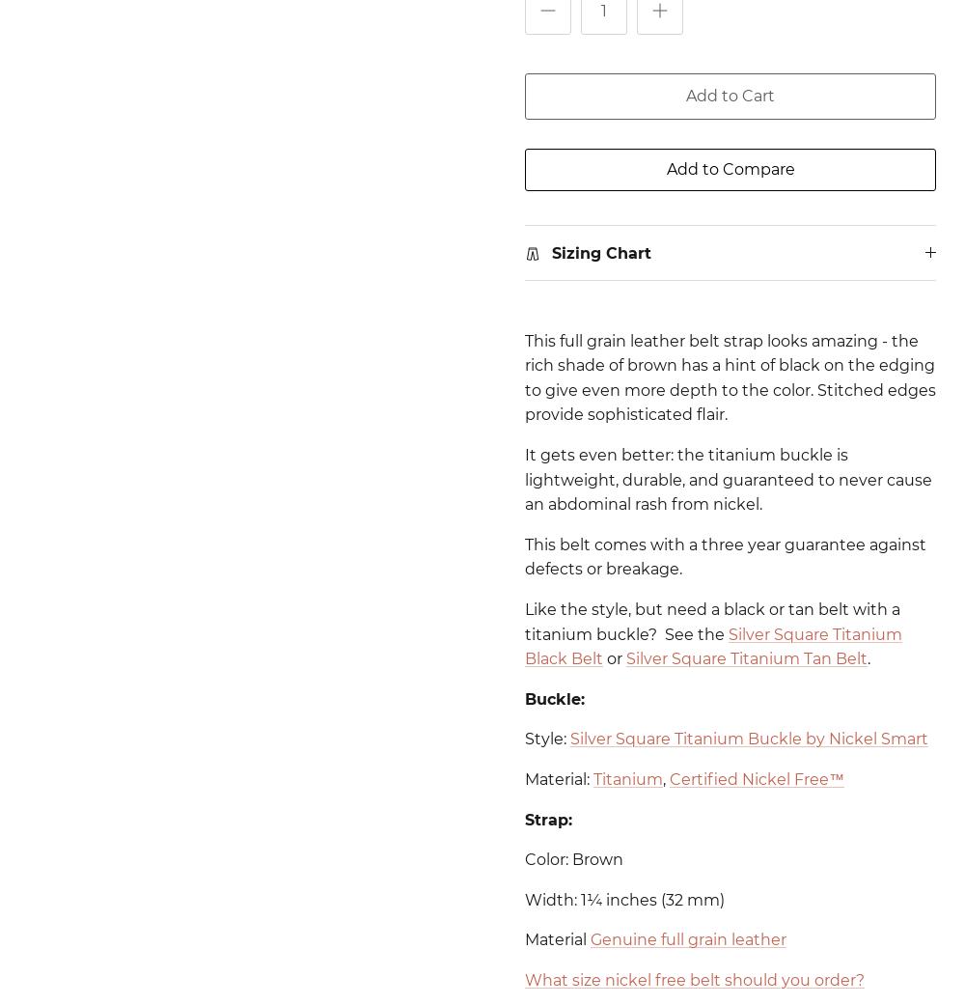 This screenshot has width=965, height=1005. What do you see at coordinates (724, 705) in the screenshot?
I see `'This sizing chart will work on Nickel Zero® belts too.'` at bounding box center [724, 705].